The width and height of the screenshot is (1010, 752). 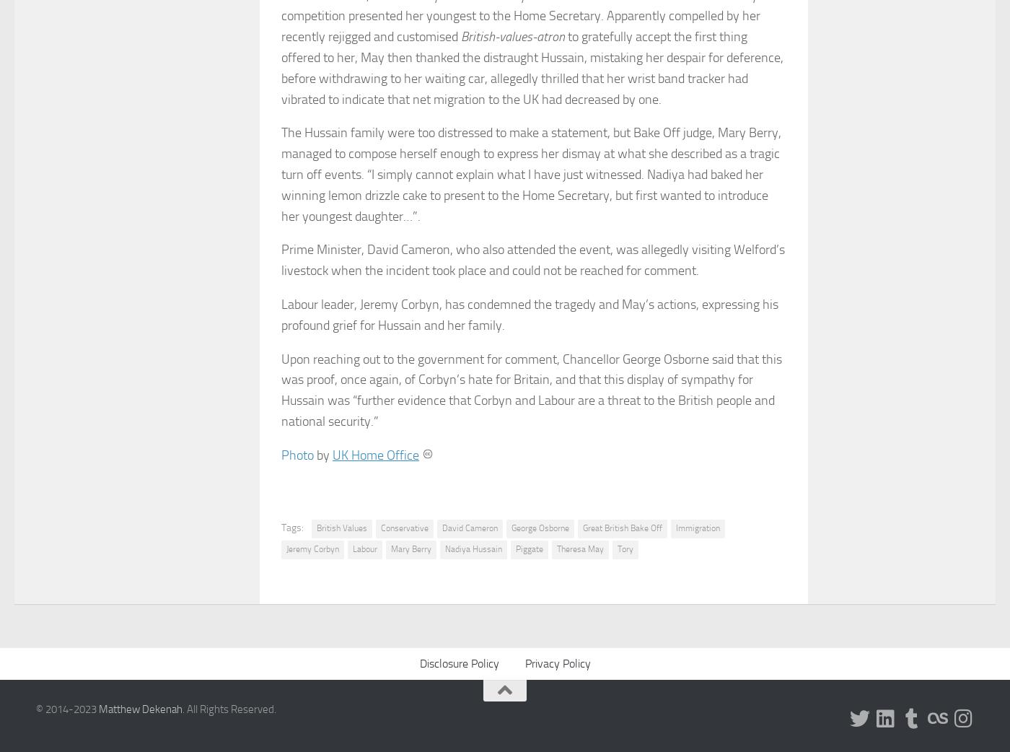 I want to click on '. All Rights Reserved.', so click(x=182, y=708).